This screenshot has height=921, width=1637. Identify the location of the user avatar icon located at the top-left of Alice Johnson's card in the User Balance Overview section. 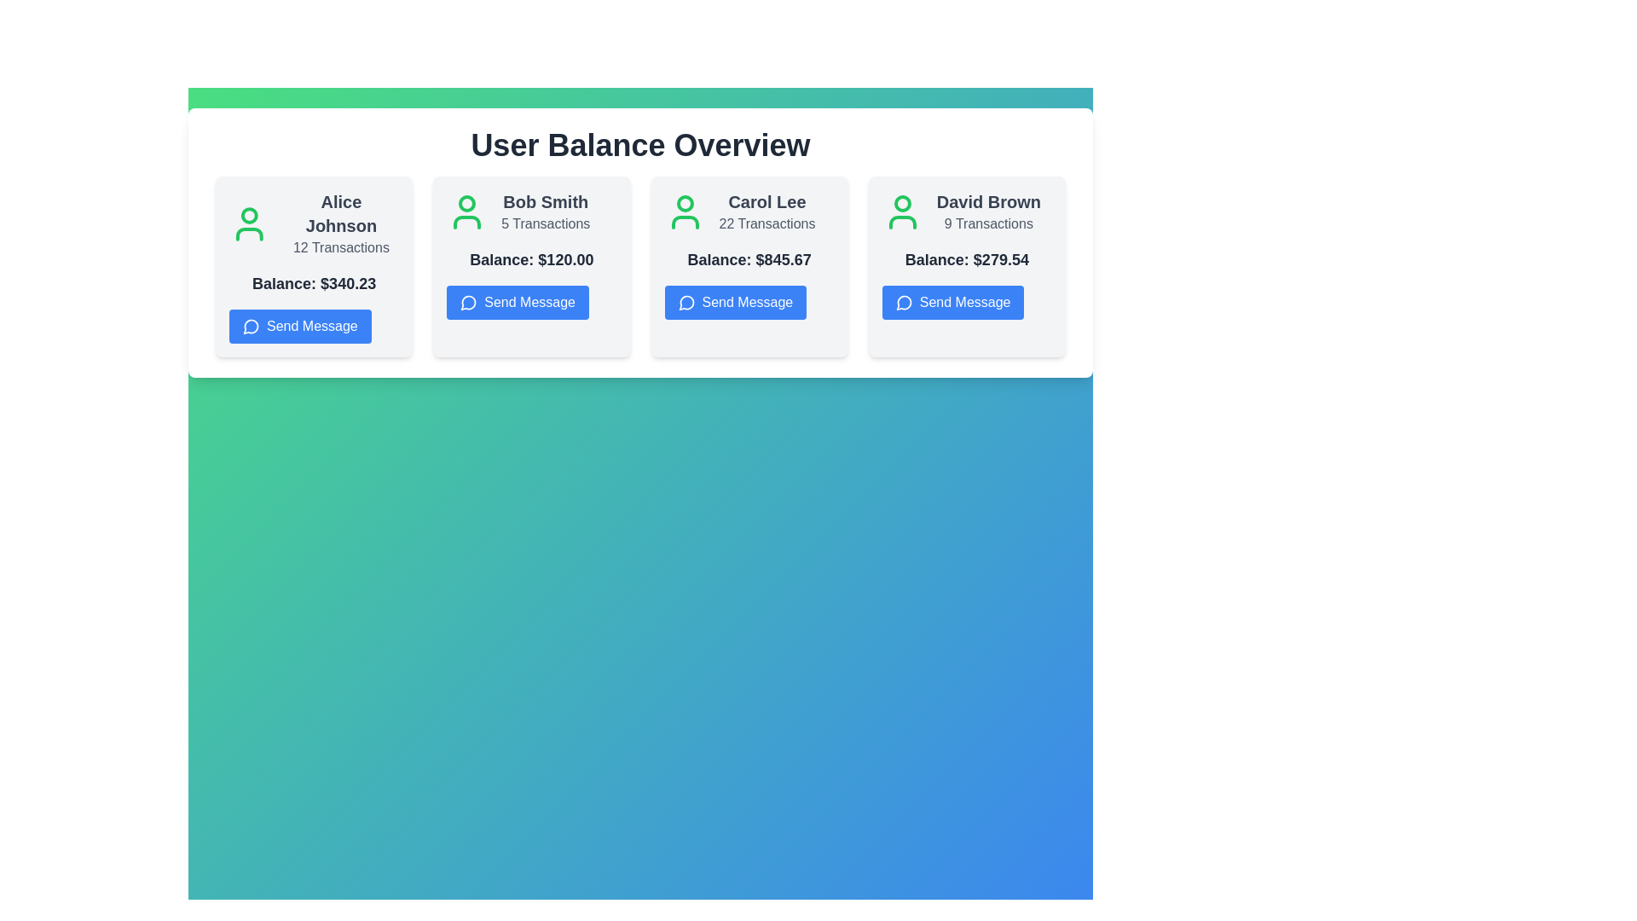
(248, 223).